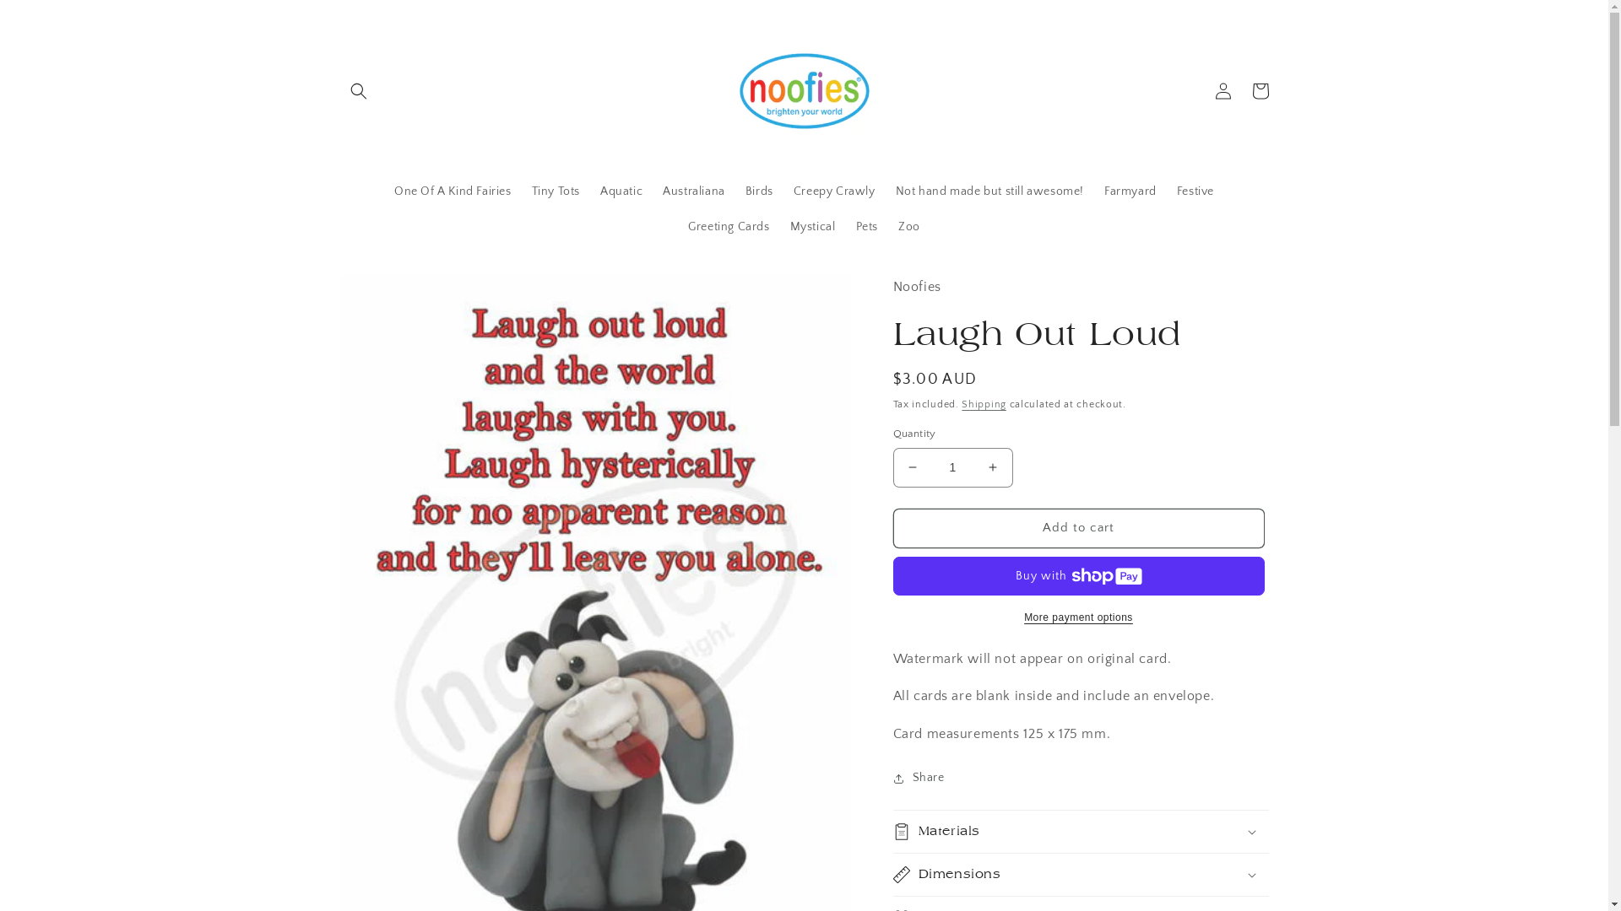  What do you see at coordinates (693, 191) in the screenshot?
I see `'Australiana'` at bounding box center [693, 191].